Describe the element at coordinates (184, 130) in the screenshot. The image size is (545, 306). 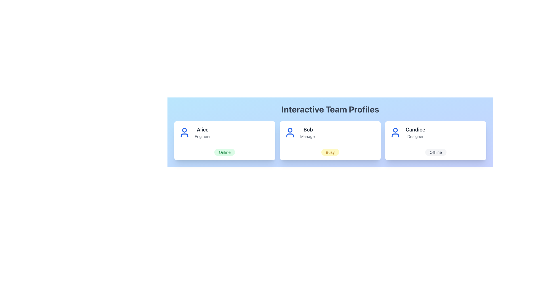
I see `the profile icon circle representing user 'Alice' at the top-left of the three user cards under 'Interactive Team Profiles'` at that location.